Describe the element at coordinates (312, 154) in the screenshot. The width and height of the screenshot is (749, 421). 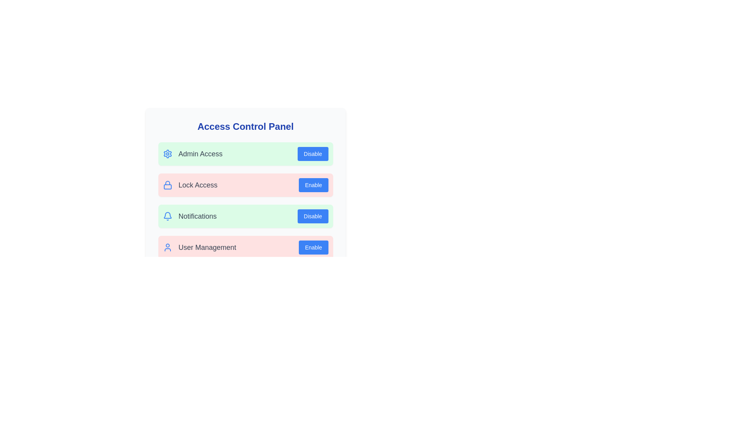
I see `the button labeled Disable Admin Access` at that location.